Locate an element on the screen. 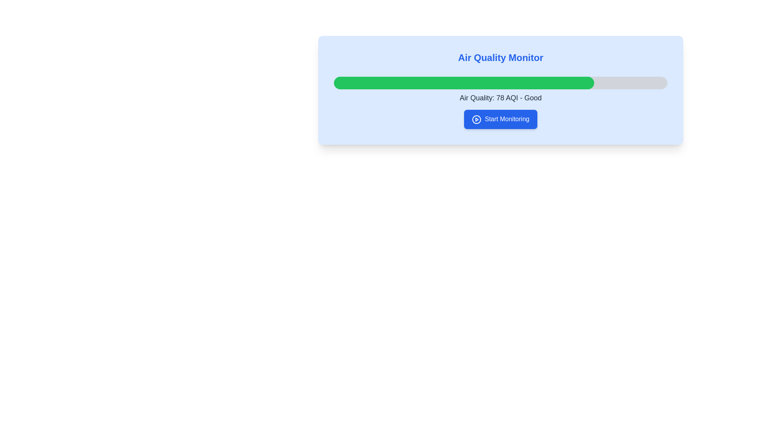 The width and height of the screenshot is (757, 425). the second progress bar indicating air quality level, labeled as 'Good' with a reading of 78 AQI, located below the title 'Air Quality Monitor' is located at coordinates (500, 83).